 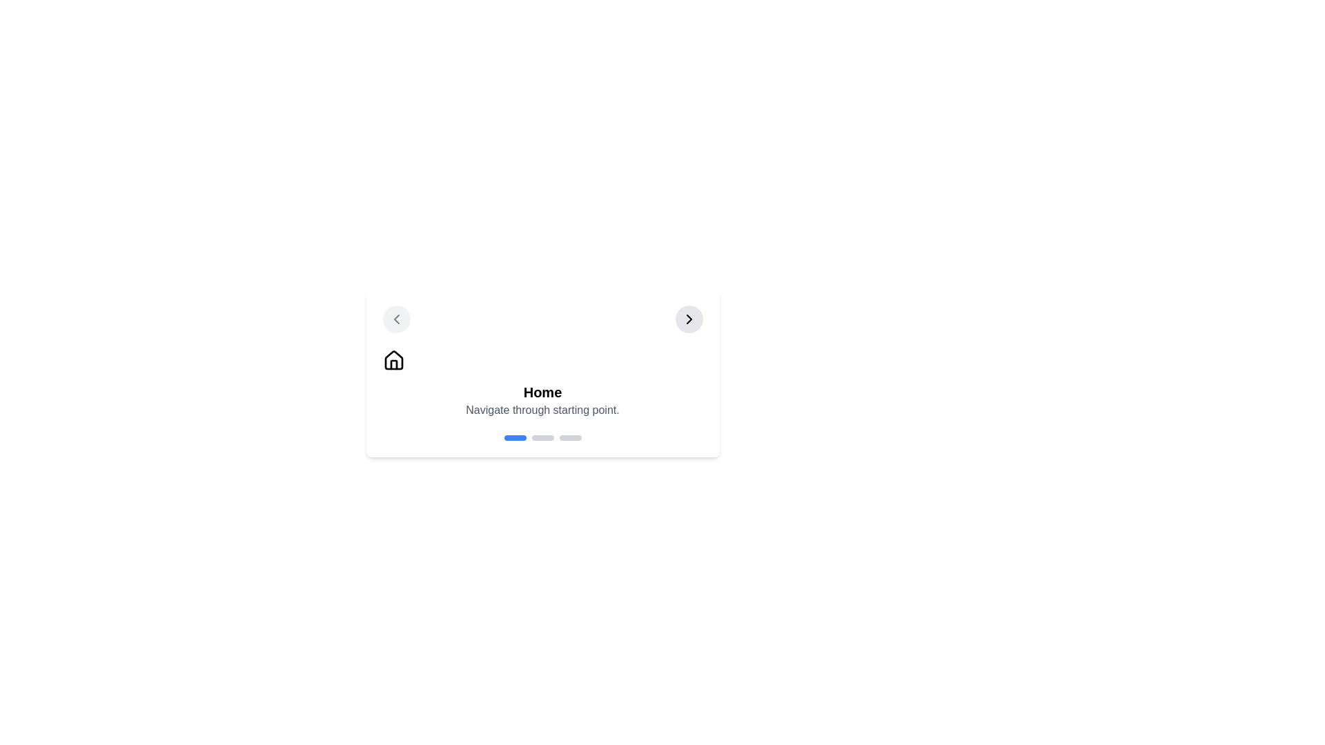 I want to click on the 'back' button to navigate to the previous step, so click(x=395, y=319).